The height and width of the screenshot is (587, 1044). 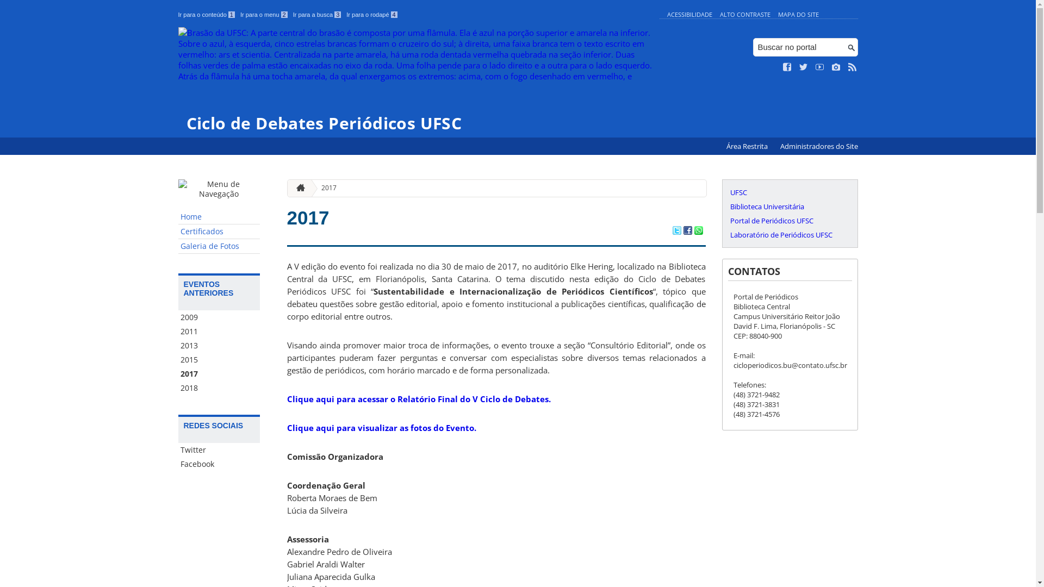 I want to click on '2009', so click(x=219, y=317).